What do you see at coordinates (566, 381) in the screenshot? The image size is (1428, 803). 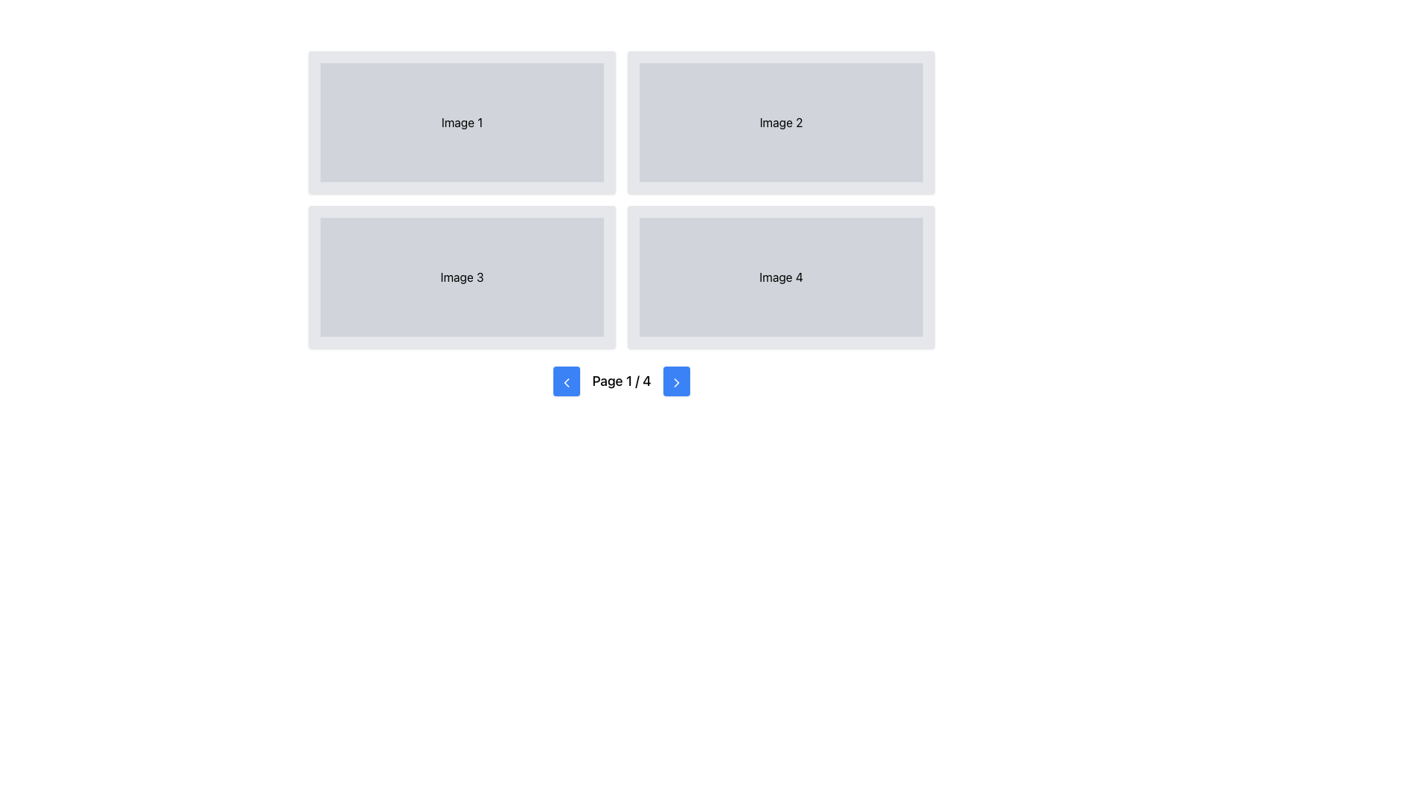 I see `the Chevron Icon button located to the left of the text 'Page 1 / 4'` at bounding box center [566, 381].